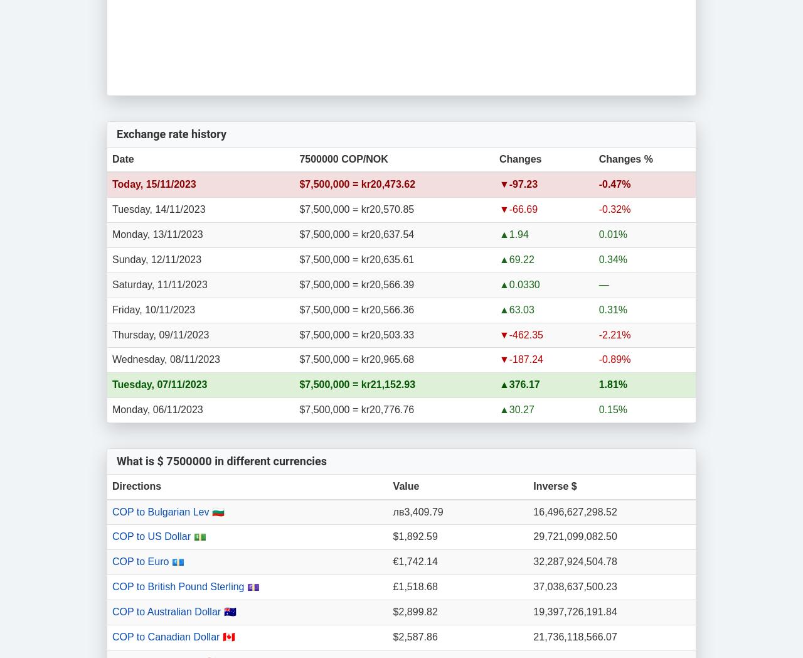 The image size is (803, 658). What do you see at coordinates (574, 510) in the screenshot?
I see `'16,496,627,298.52'` at bounding box center [574, 510].